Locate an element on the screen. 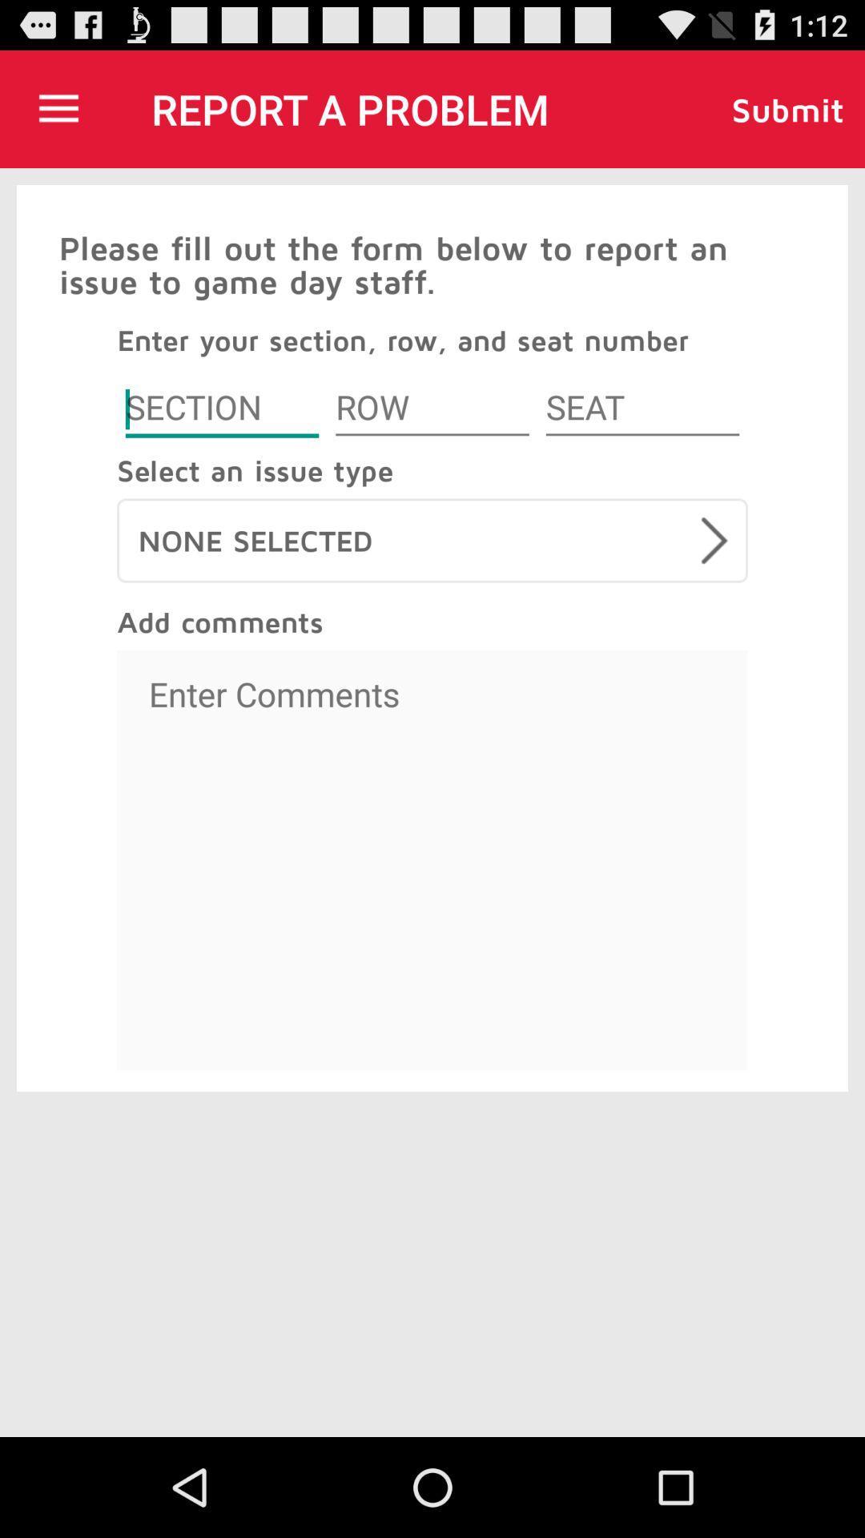 Image resolution: width=865 pixels, height=1538 pixels. comment box to add comment is located at coordinates (432, 860).